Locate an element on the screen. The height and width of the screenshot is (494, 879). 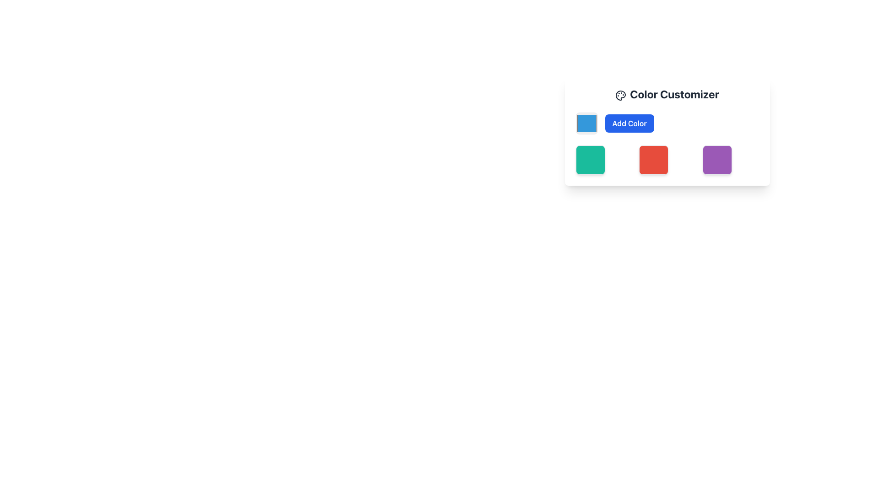
the button located to the right of the square color picker box is located at coordinates (629, 123).